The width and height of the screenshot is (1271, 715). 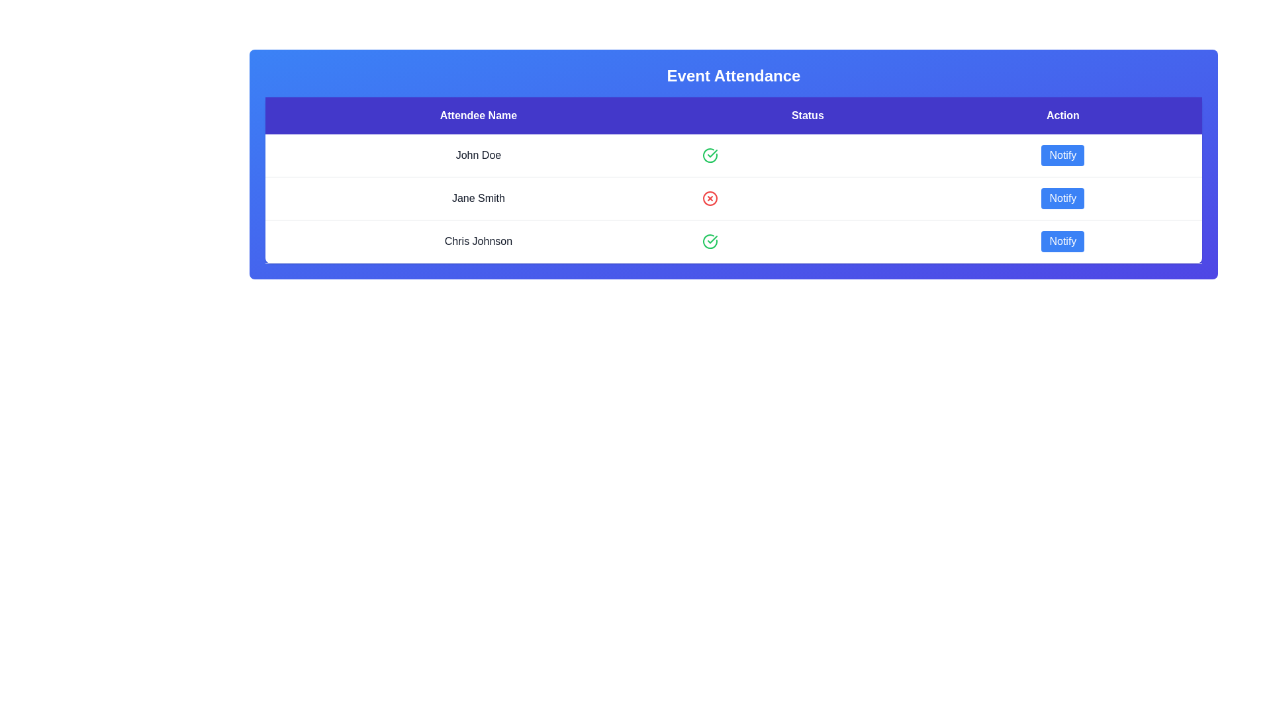 I want to click on the row corresponding to attendee Jane Smith, so click(x=733, y=199).